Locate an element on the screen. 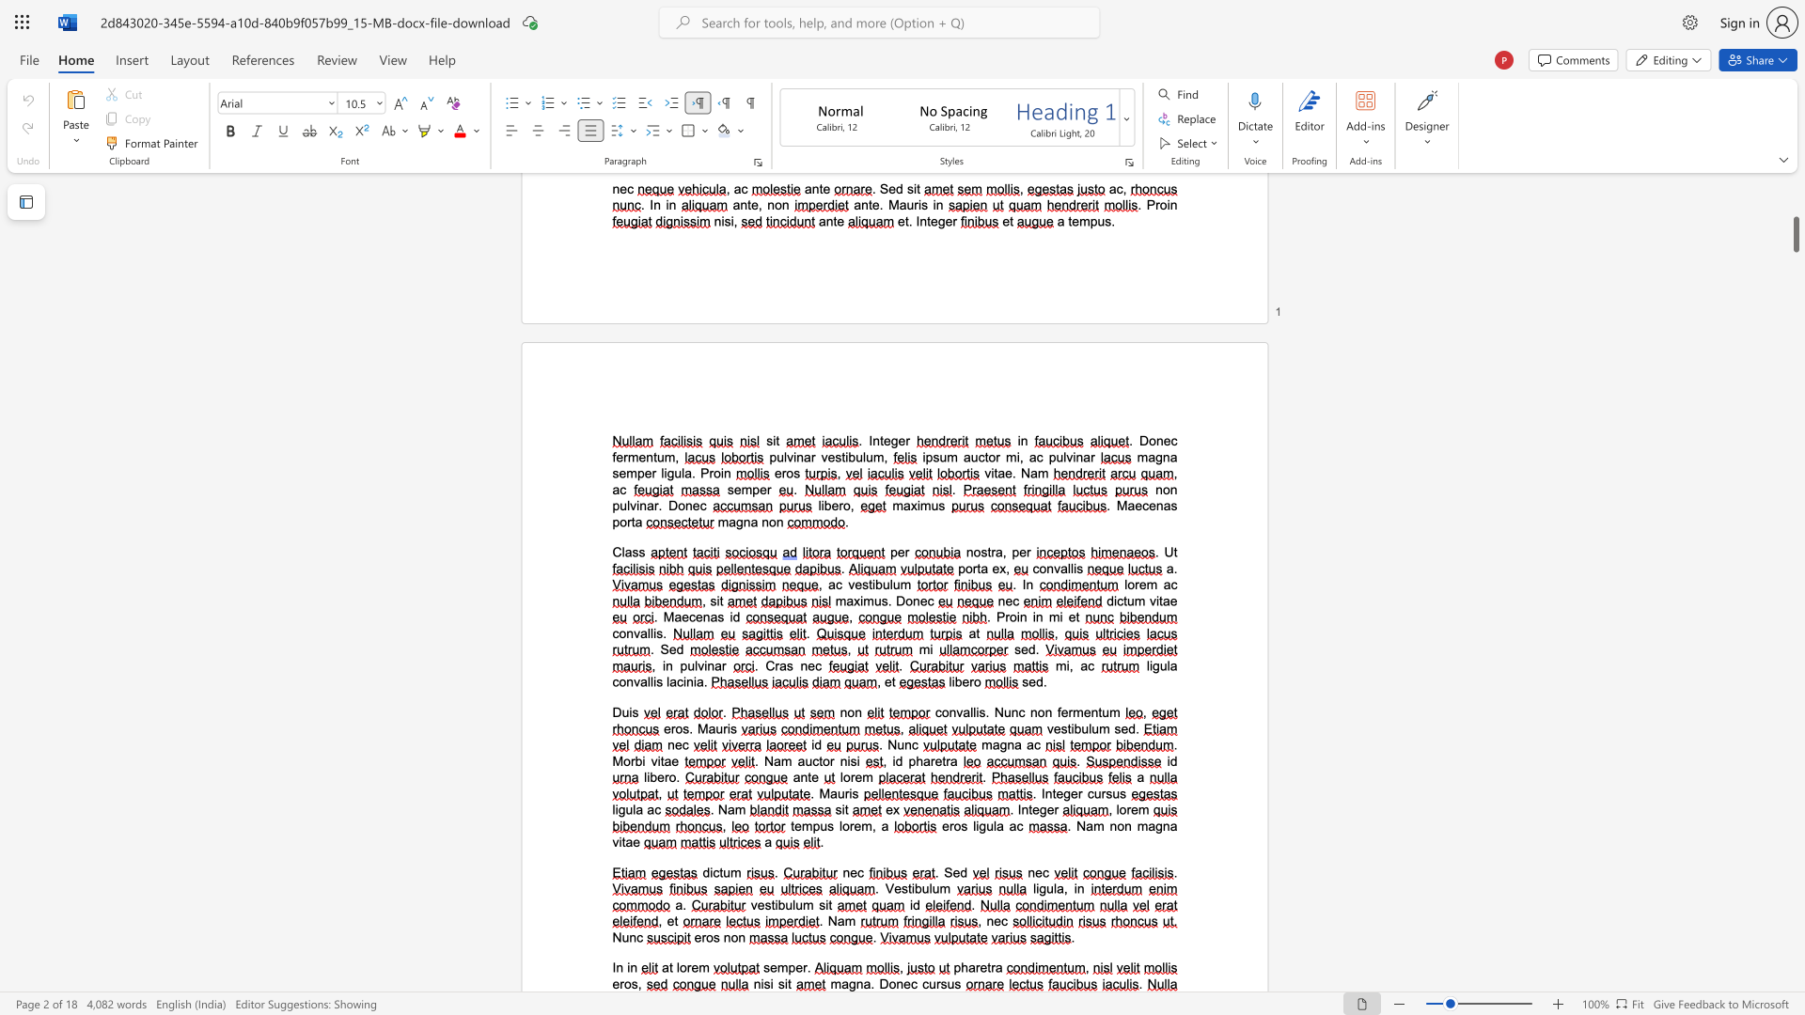  the 3th character "i" in the text is located at coordinates (786, 983).